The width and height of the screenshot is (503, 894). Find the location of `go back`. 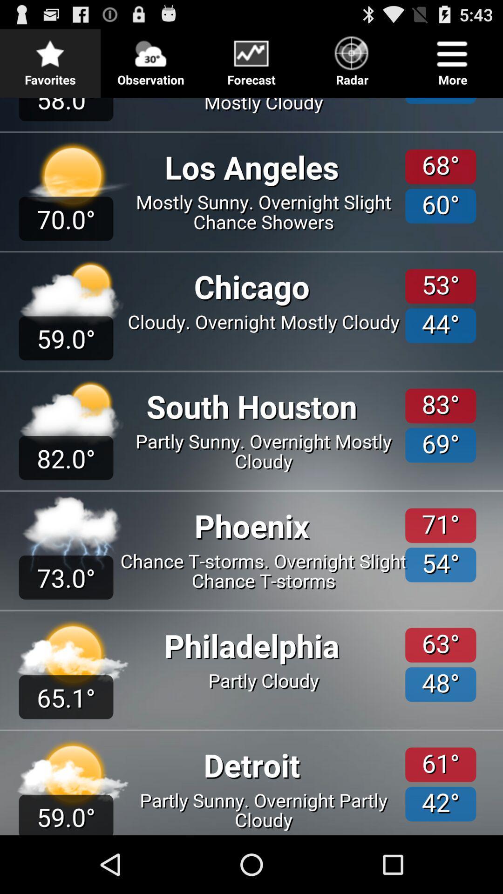

go back is located at coordinates (251, 59).